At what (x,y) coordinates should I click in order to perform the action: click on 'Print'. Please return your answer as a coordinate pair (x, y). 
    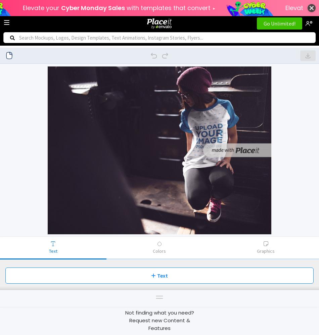
    Looking at the image, I should click on (280, 100).